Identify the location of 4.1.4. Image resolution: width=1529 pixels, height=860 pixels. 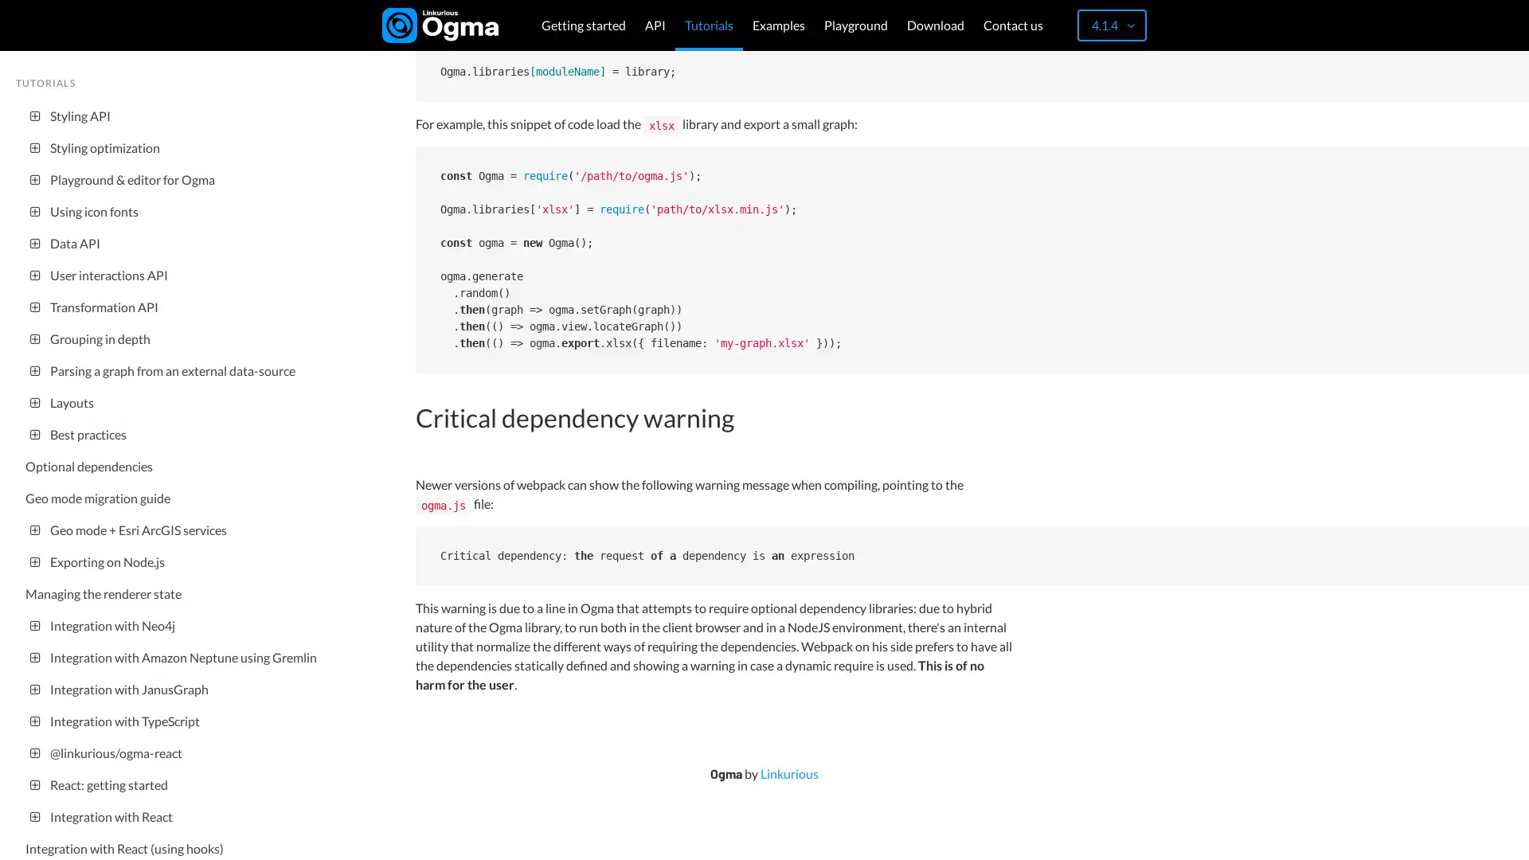
(1111, 25).